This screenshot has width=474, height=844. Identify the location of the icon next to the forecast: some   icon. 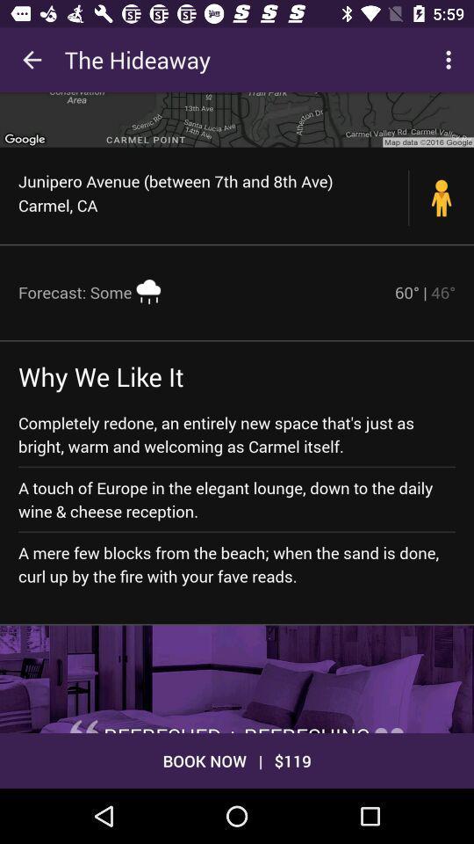
(424, 292).